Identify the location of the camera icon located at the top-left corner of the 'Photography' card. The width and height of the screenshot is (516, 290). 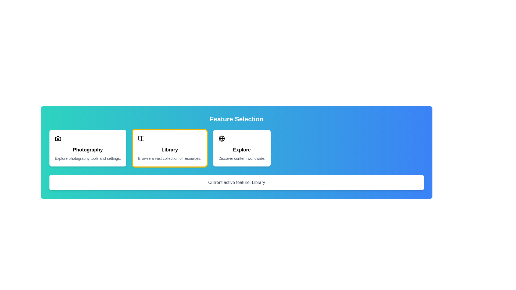
(58, 138).